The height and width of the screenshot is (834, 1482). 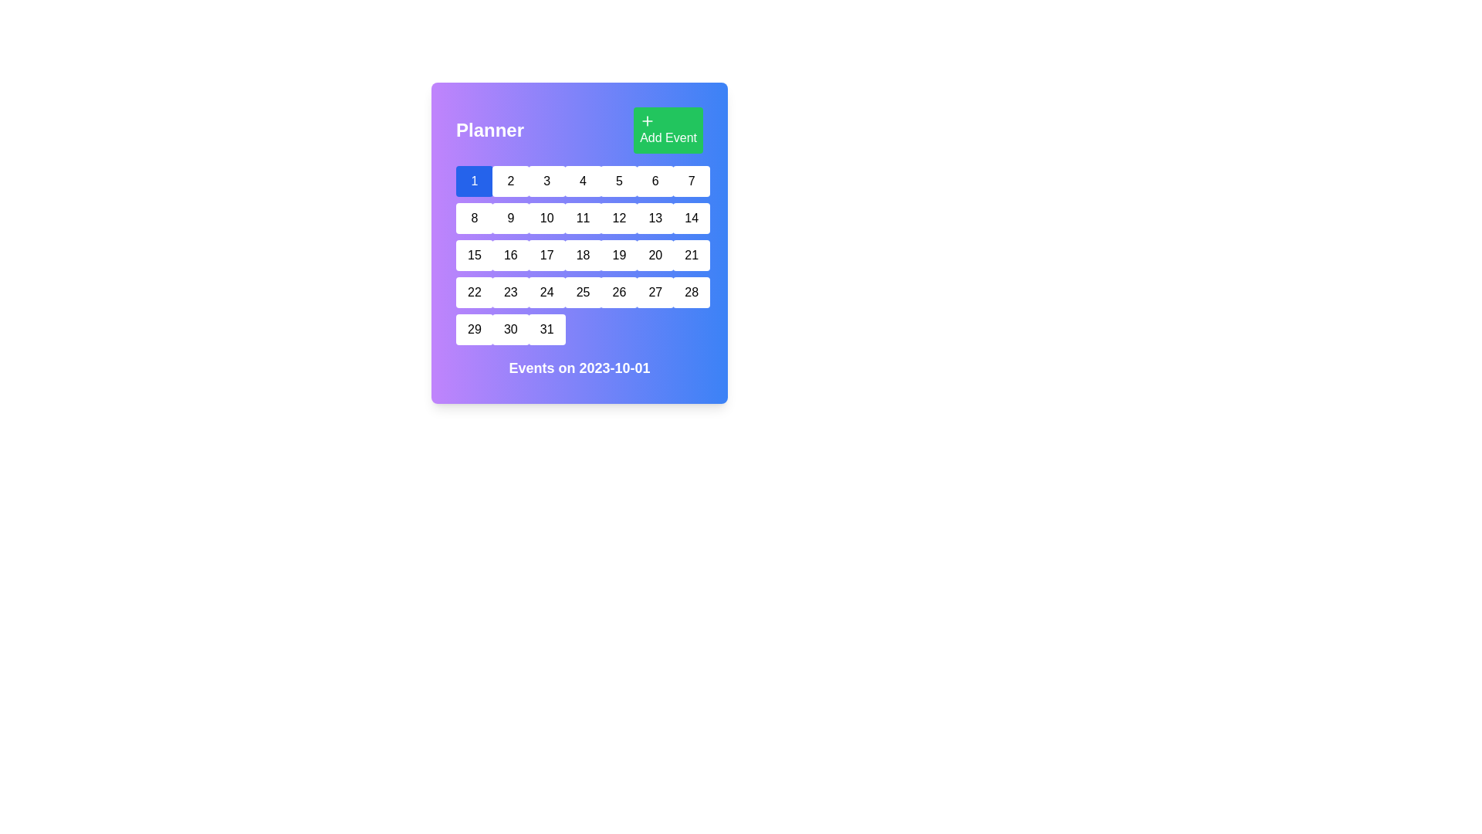 What do you see at coordinates (691, 292) in the screenshot?
I see `the button displaying '28', which is a rounded rectangular box with a white background and black text` at bounding box center [691, 292].